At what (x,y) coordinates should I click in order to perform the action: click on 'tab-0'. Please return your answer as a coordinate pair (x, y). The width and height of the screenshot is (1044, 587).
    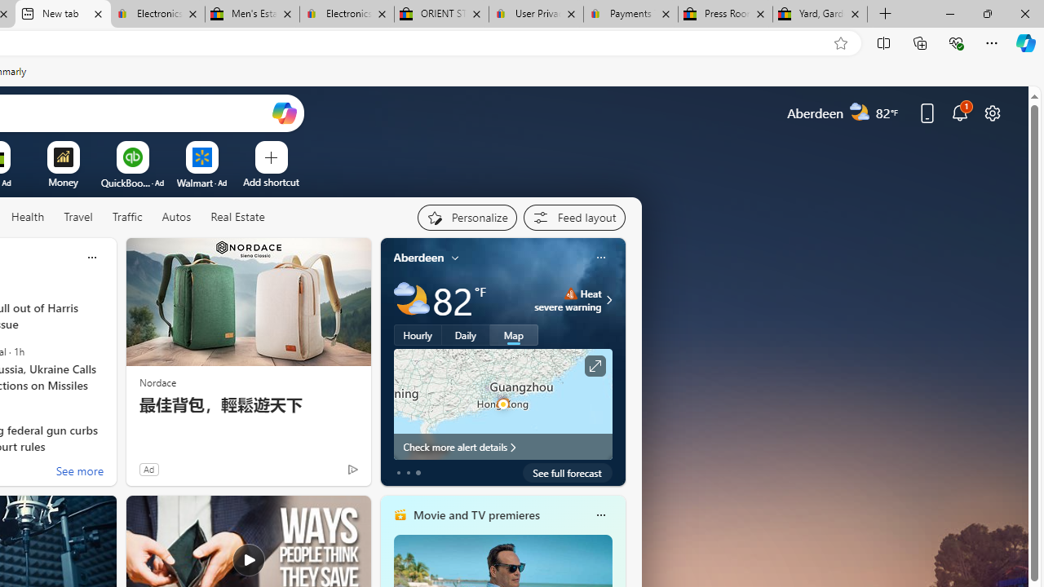
    Looking at the image, I should click on (398, 472).